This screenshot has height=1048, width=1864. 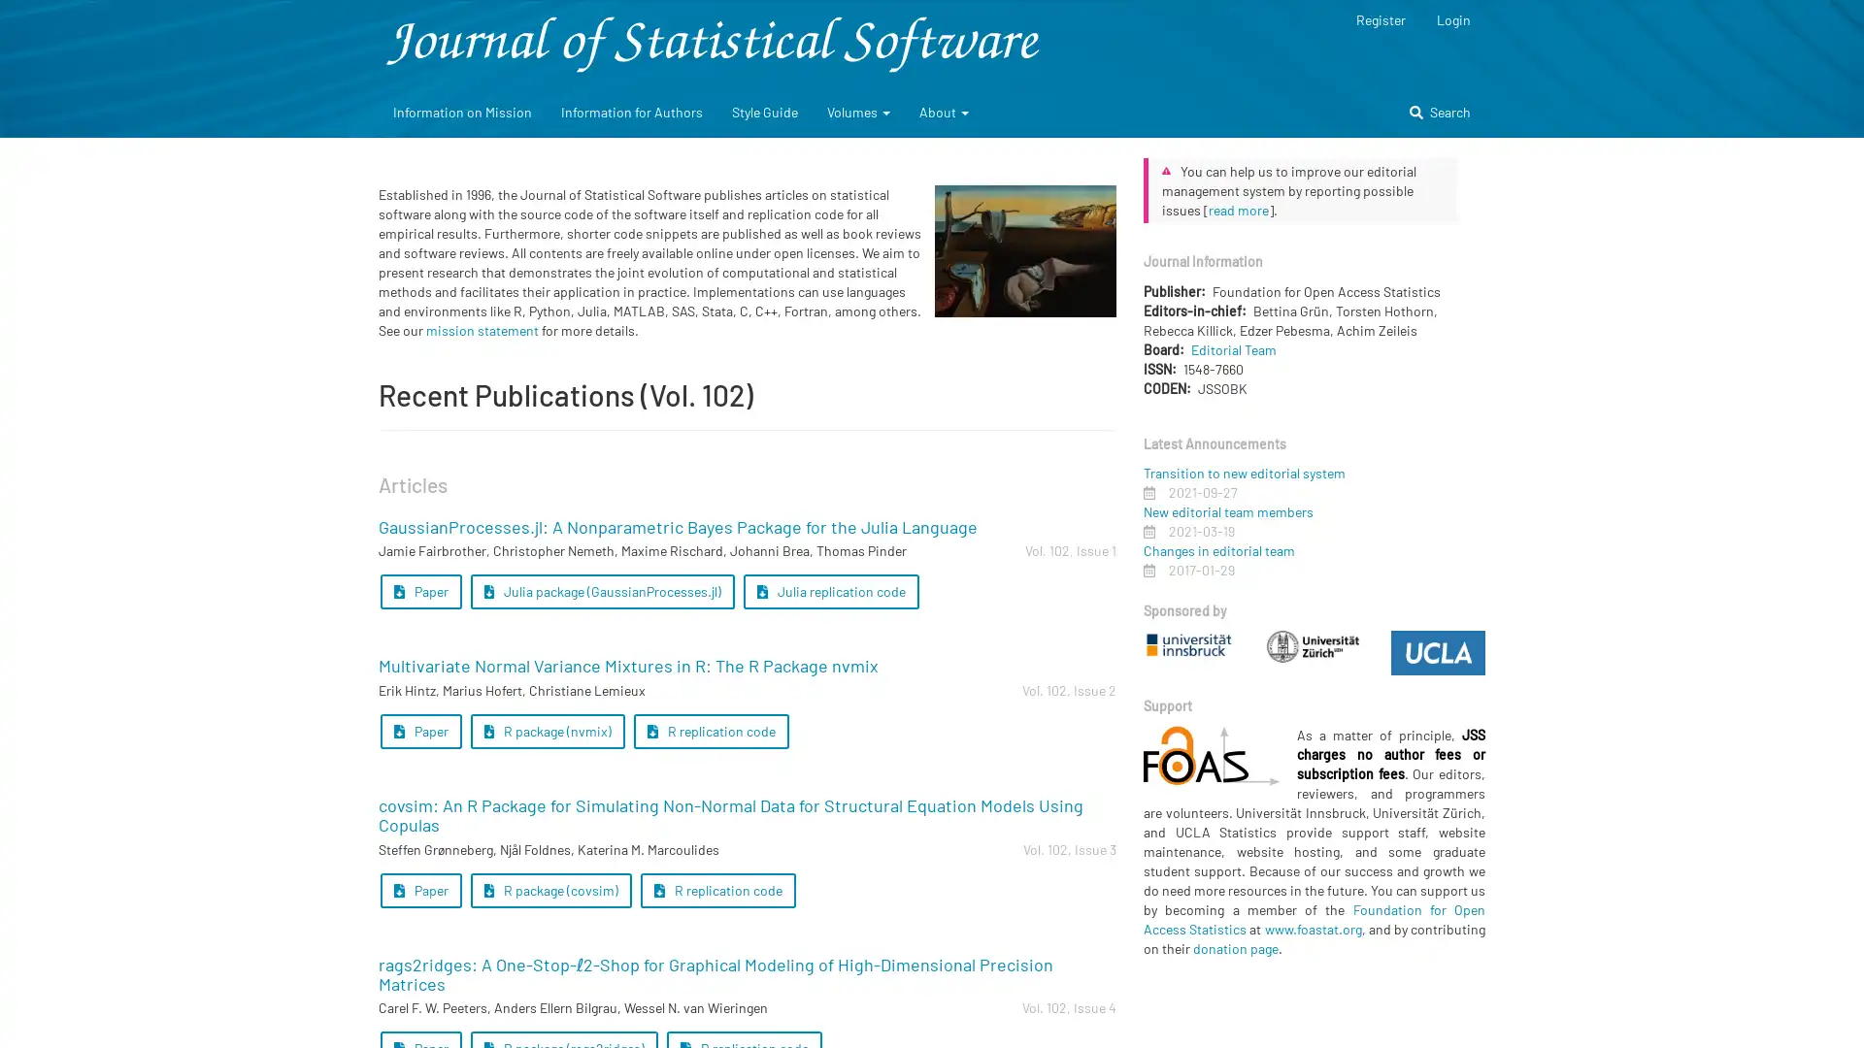 I want to click on Paper, so click(x=419, y=590).